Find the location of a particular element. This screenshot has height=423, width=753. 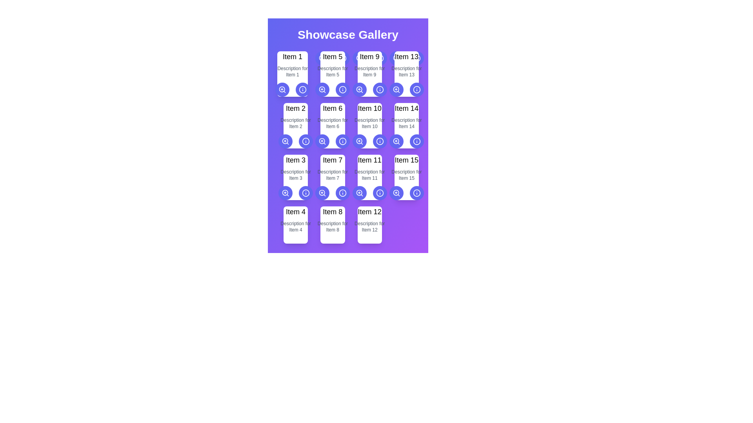

the zoom-in icon button located below the 'Item 1' card is located at coordinates (282, 89).